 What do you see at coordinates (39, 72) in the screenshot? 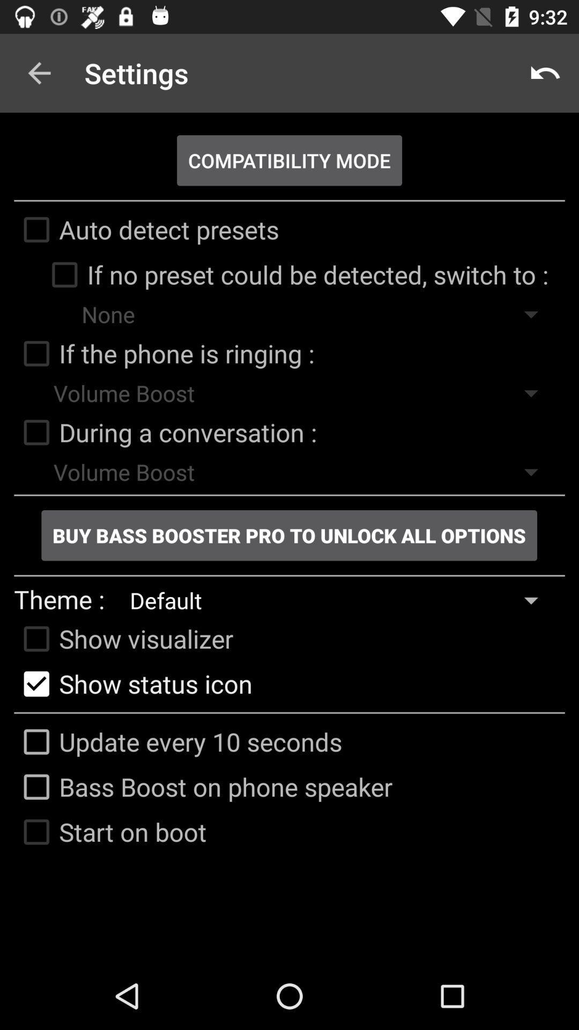
I see `item next to settings icon` at bounding box center [39, 72].